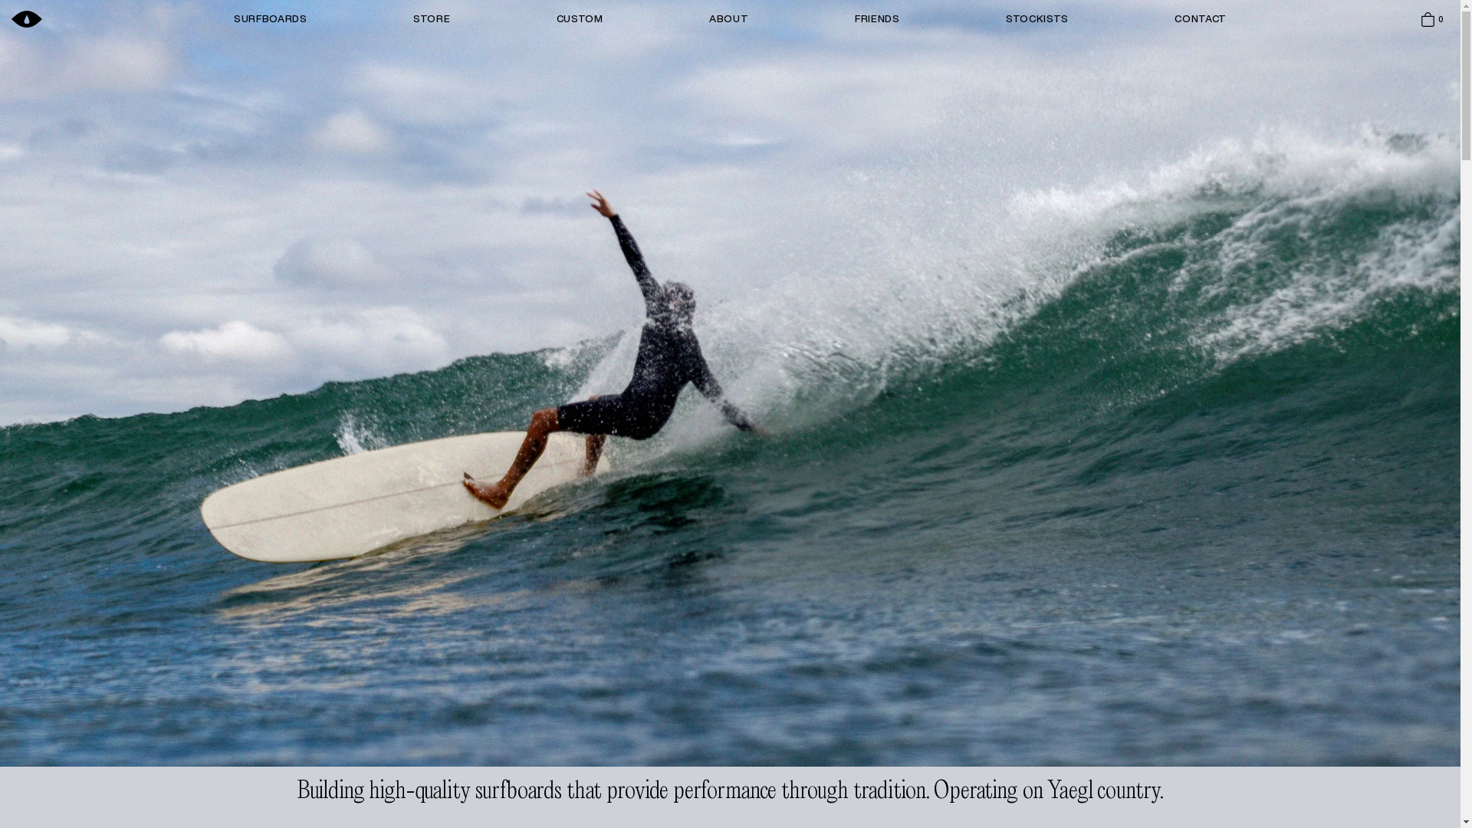  What do you see at coordinates (579, 18) in the screenshot?
I see `'CUSTOM'` at bounding box center [579, 18].